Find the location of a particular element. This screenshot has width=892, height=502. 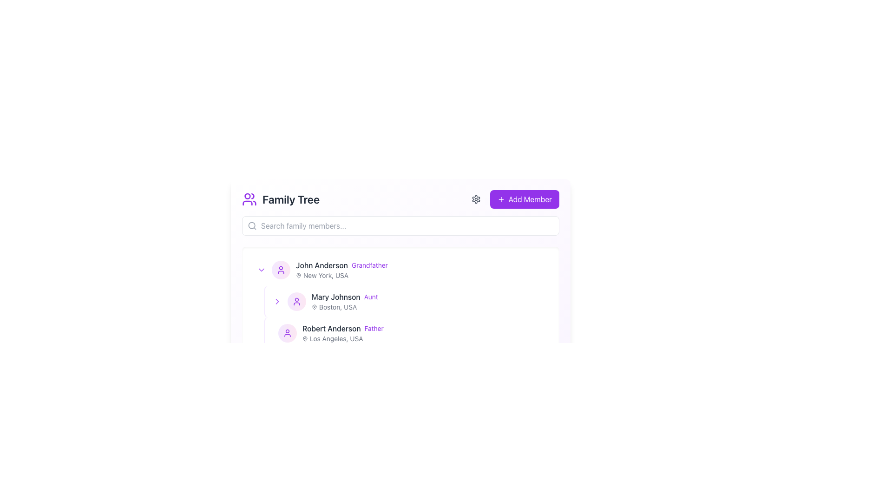

the geographical data icon indicating 'Boston, USA' located to the left of 'Mary Johnson.' is located at coordinates (314, 307).